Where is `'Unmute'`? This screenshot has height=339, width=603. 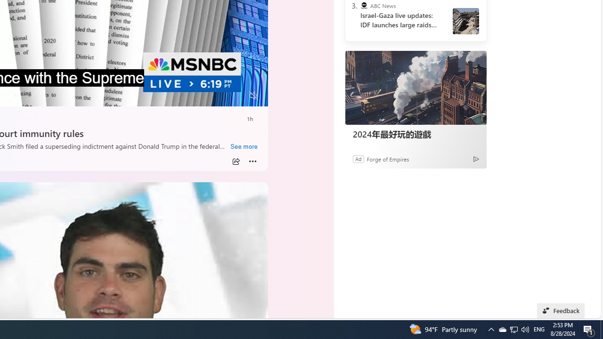 'Unmute' is located at coordinates (253, 96).